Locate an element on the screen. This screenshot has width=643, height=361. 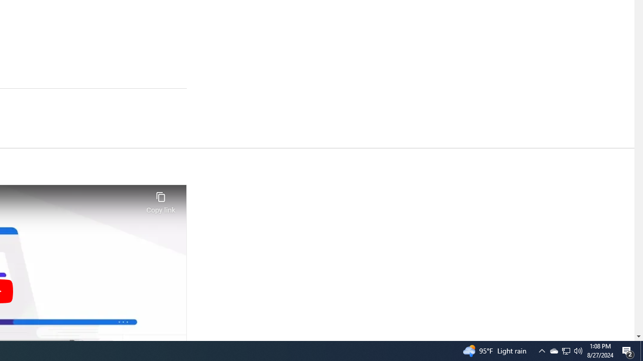
'Copy link' is located at coordinates (161, 200).